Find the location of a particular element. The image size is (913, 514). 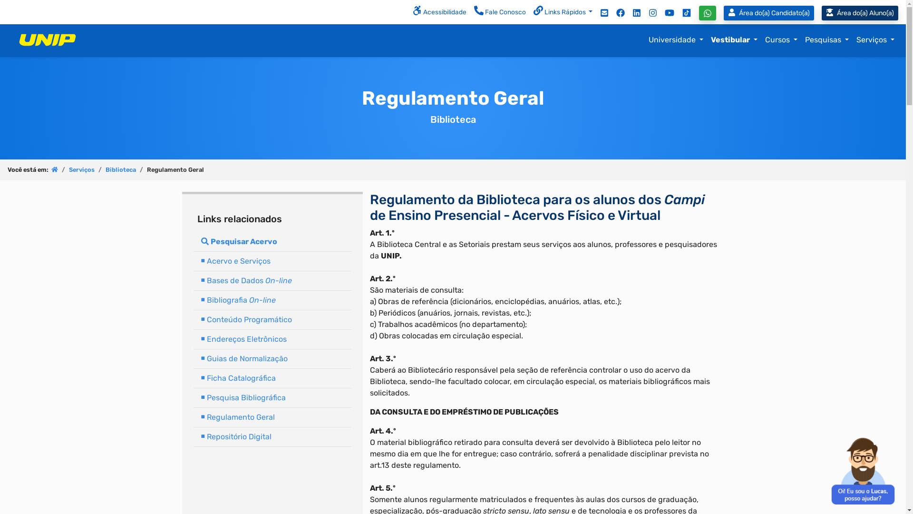

'Siga a UNIP no TikTok da UNIP' is located at coordinates (687, 12).